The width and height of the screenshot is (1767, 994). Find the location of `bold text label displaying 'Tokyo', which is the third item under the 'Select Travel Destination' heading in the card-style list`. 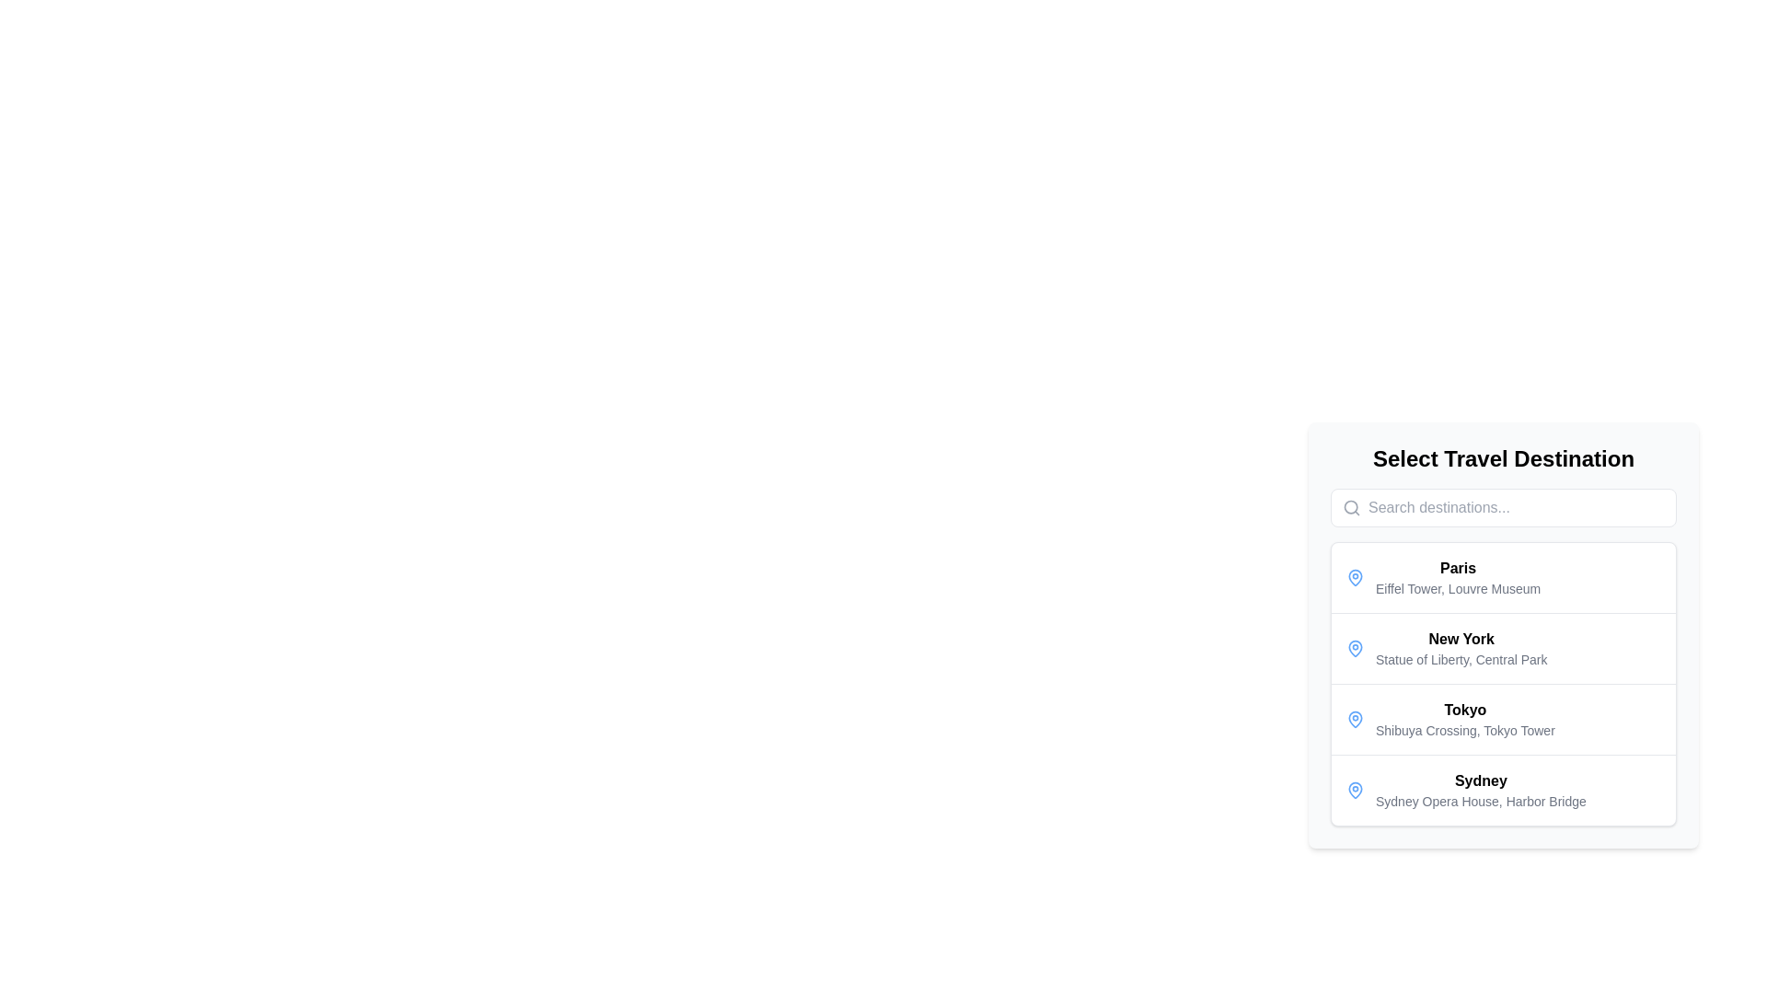

bold text label displaying 'Tokyo', which is the third item under the 'Select Travel Destination' heading in the card-style list is located at coordinates (1464, 709).